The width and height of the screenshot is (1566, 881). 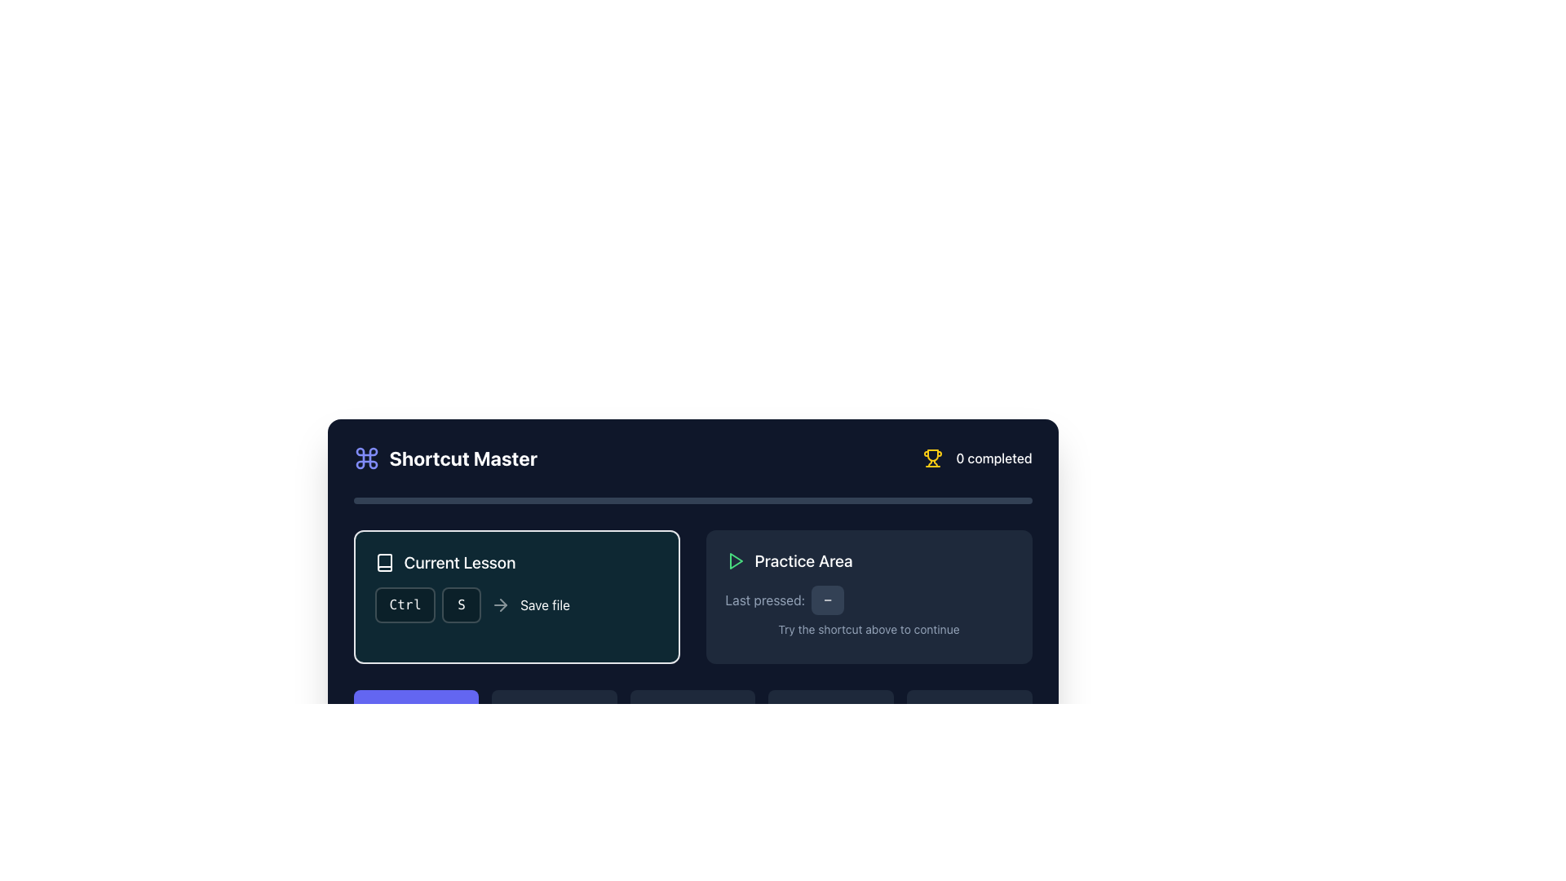 I want to click on the small square-shaped indigo icon with an intricate design resembling a command symbol located at the leftmost edge of the 'Shortcut Master' header, so click(x=365, y=458).